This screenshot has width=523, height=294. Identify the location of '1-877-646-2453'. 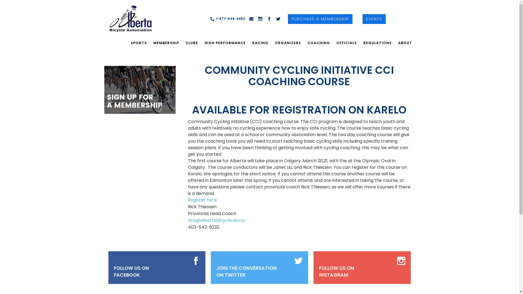
(227, 18).